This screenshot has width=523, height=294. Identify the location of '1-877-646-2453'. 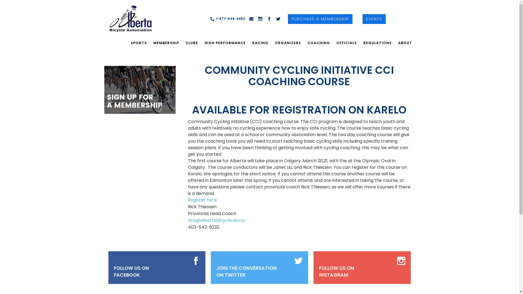
(227, 18).